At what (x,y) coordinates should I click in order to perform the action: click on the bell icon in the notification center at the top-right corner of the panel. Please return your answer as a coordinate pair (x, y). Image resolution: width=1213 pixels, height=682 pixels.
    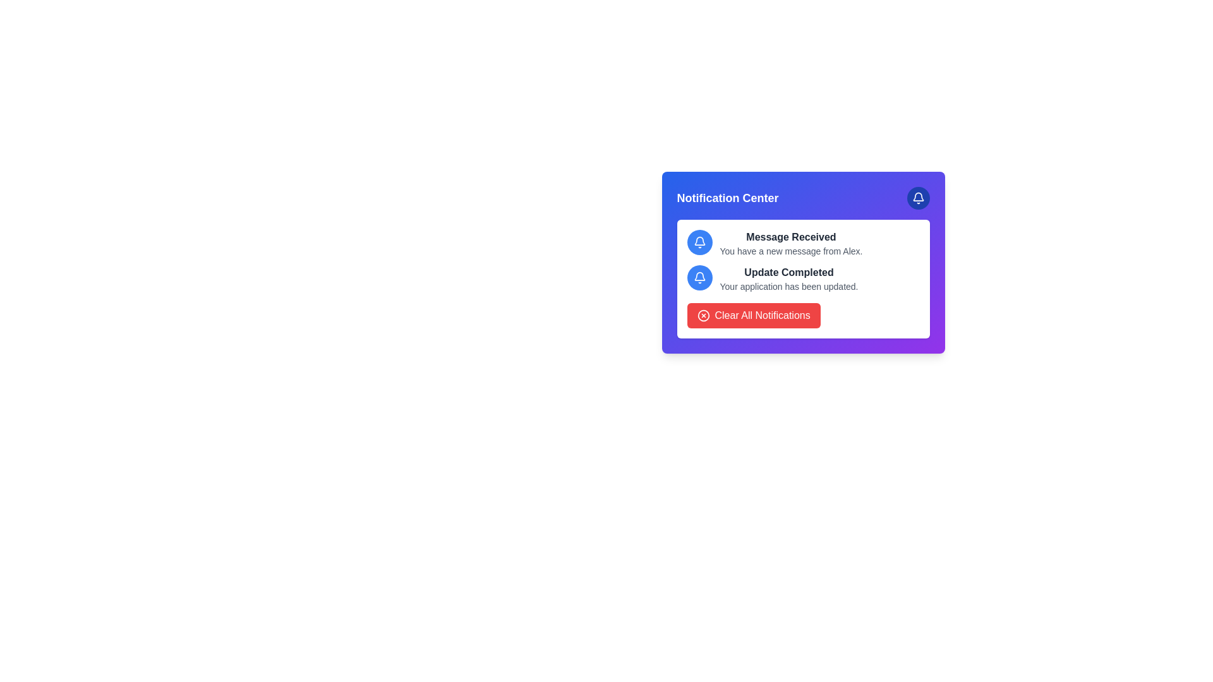
    Looking at the image, I should click on (918, 196).